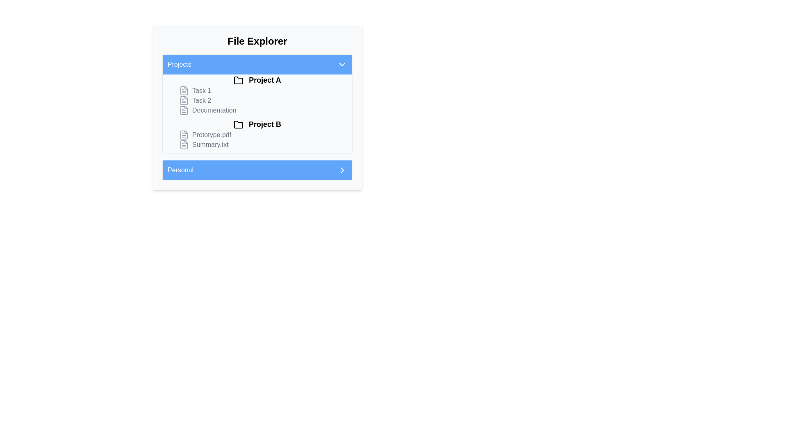  What do you see at coordinates (257, 124) in the screenshot?
I see `the text label identifying the folder titled 'Project B'` at bounding box center [257, 124].